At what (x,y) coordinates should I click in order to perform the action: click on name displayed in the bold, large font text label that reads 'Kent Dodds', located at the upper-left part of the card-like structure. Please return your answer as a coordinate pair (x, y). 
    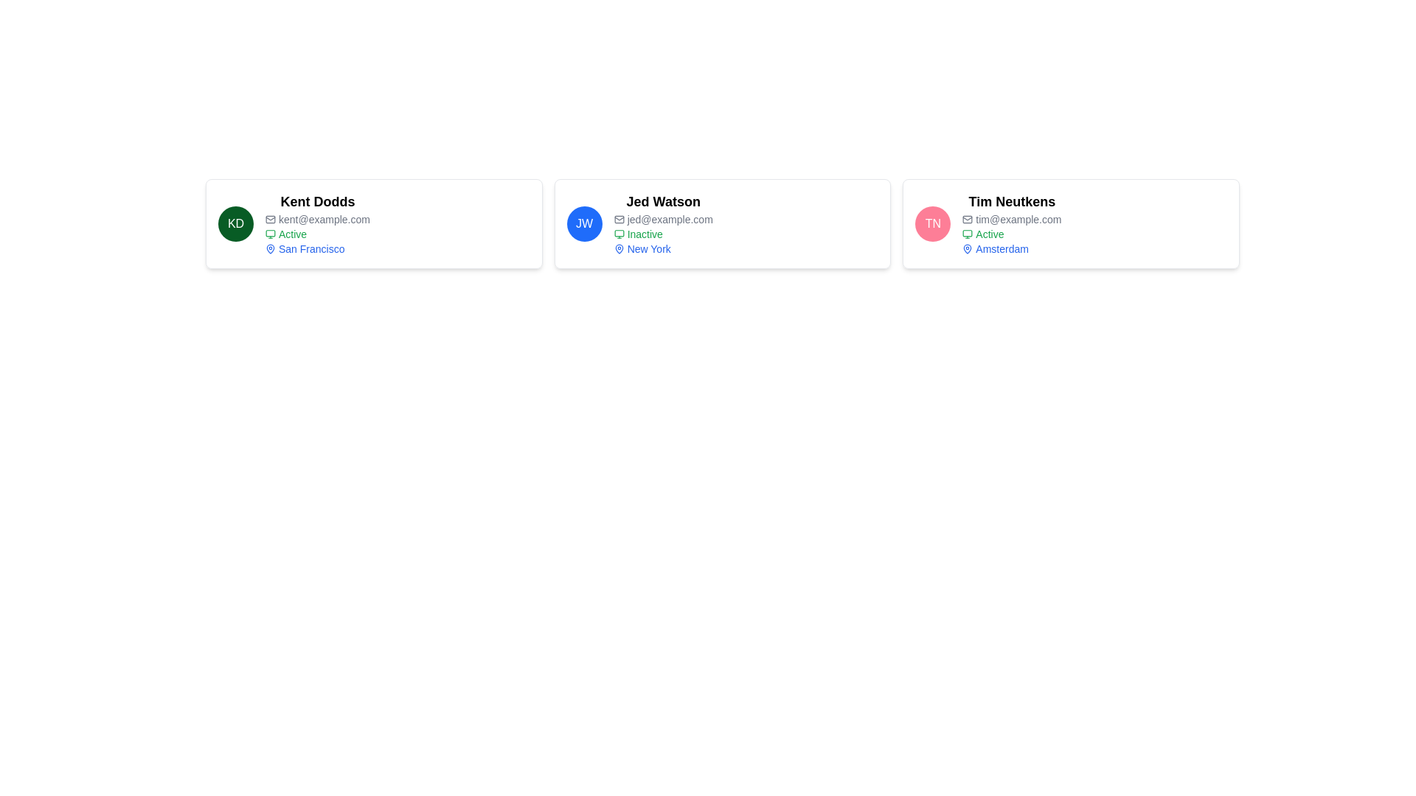
    Looking at the image, I should click on (317, 201).